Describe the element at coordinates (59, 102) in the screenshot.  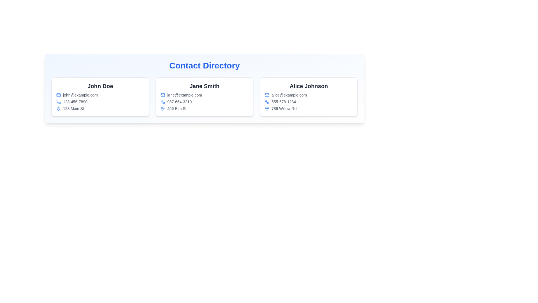
I see `the phone icon located` at that location.